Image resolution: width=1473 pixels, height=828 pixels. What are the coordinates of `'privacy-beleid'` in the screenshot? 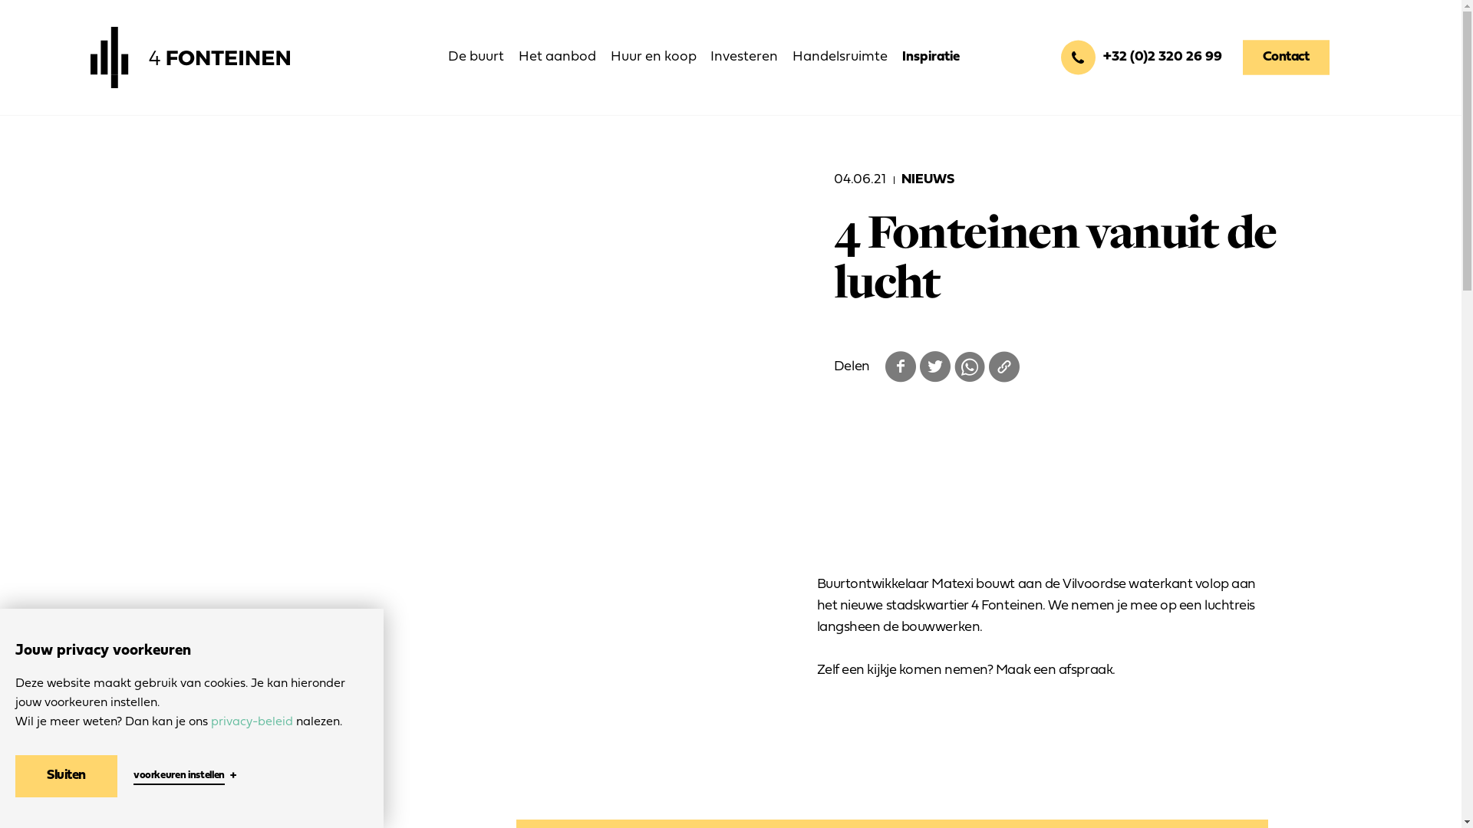 It's located at (252, 721).